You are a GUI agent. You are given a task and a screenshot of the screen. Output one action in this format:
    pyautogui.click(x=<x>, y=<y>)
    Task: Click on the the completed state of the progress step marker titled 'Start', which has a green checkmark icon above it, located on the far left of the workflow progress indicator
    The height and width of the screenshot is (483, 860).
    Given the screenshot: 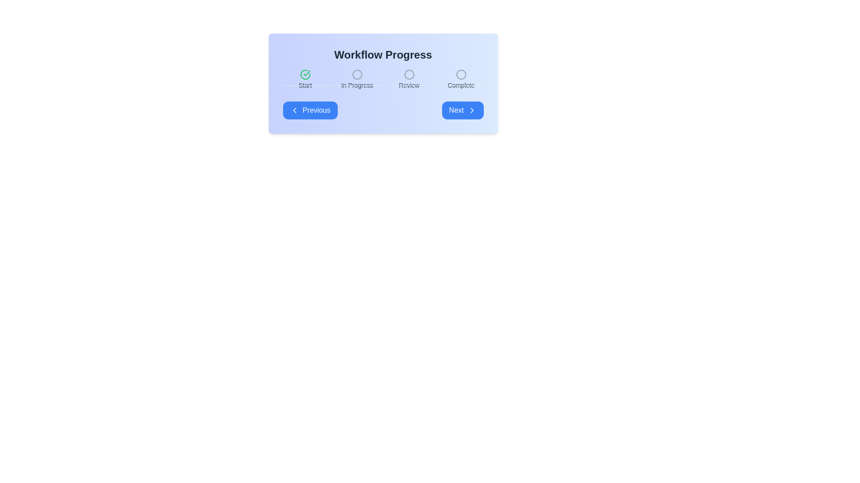 What is the action you would take?
    pyautogui.click(x=305, y=79)
    